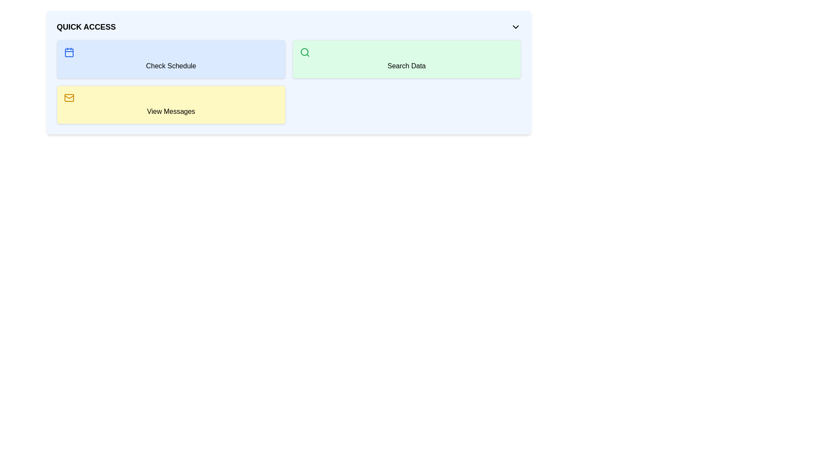 This screenshot has width=826, height=464. Describe the element at coordinates (69, 53) in the screenshot. I see `the SVG Rectangle that forms the body of the calendar icon, which is centrally located above the 'Check Schedule' text within a light blue background card` at that location.